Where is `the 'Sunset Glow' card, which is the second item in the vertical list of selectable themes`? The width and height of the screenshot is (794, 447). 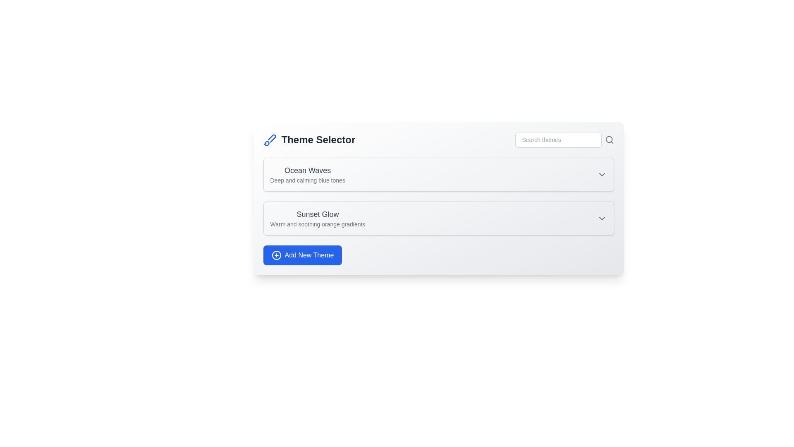 the 'Sunset Glow' card, which is the second item in the vertical list of selectable themes is located at coordinates (438, 218).